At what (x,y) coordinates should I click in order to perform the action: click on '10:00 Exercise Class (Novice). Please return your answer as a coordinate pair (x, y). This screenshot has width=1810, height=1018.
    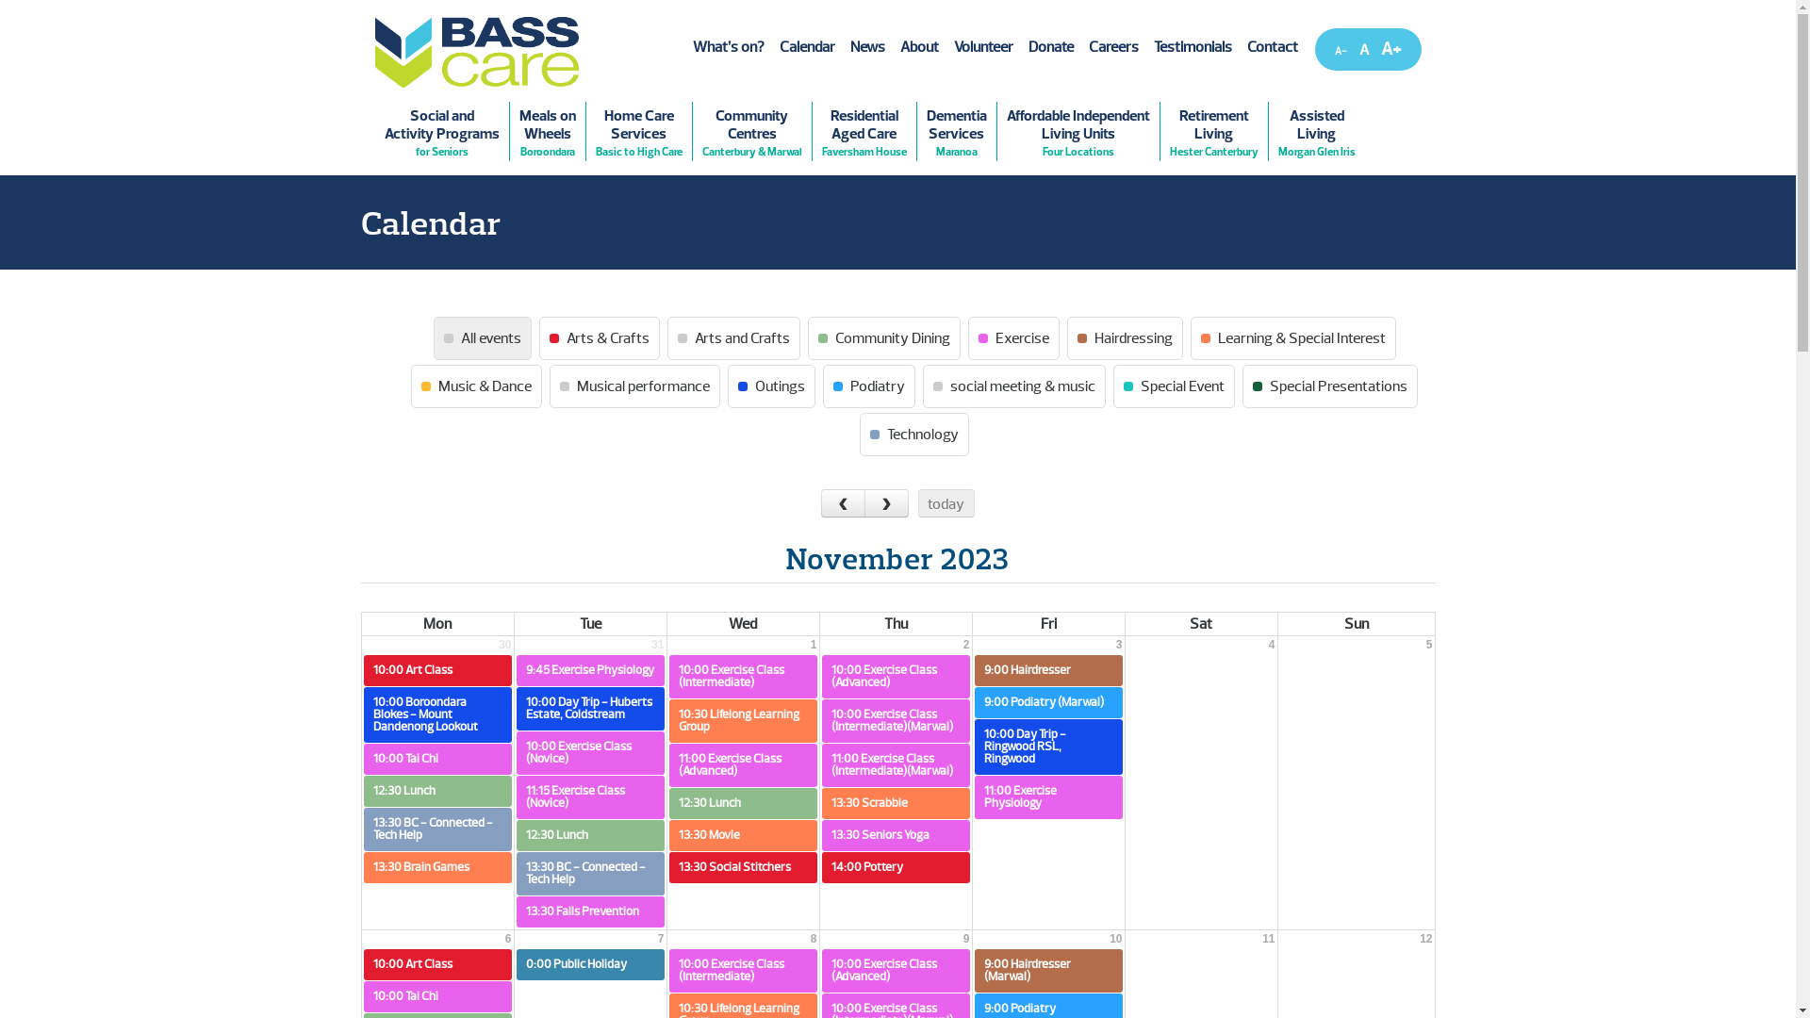
    Looking at the image, I should click on (589, 751).